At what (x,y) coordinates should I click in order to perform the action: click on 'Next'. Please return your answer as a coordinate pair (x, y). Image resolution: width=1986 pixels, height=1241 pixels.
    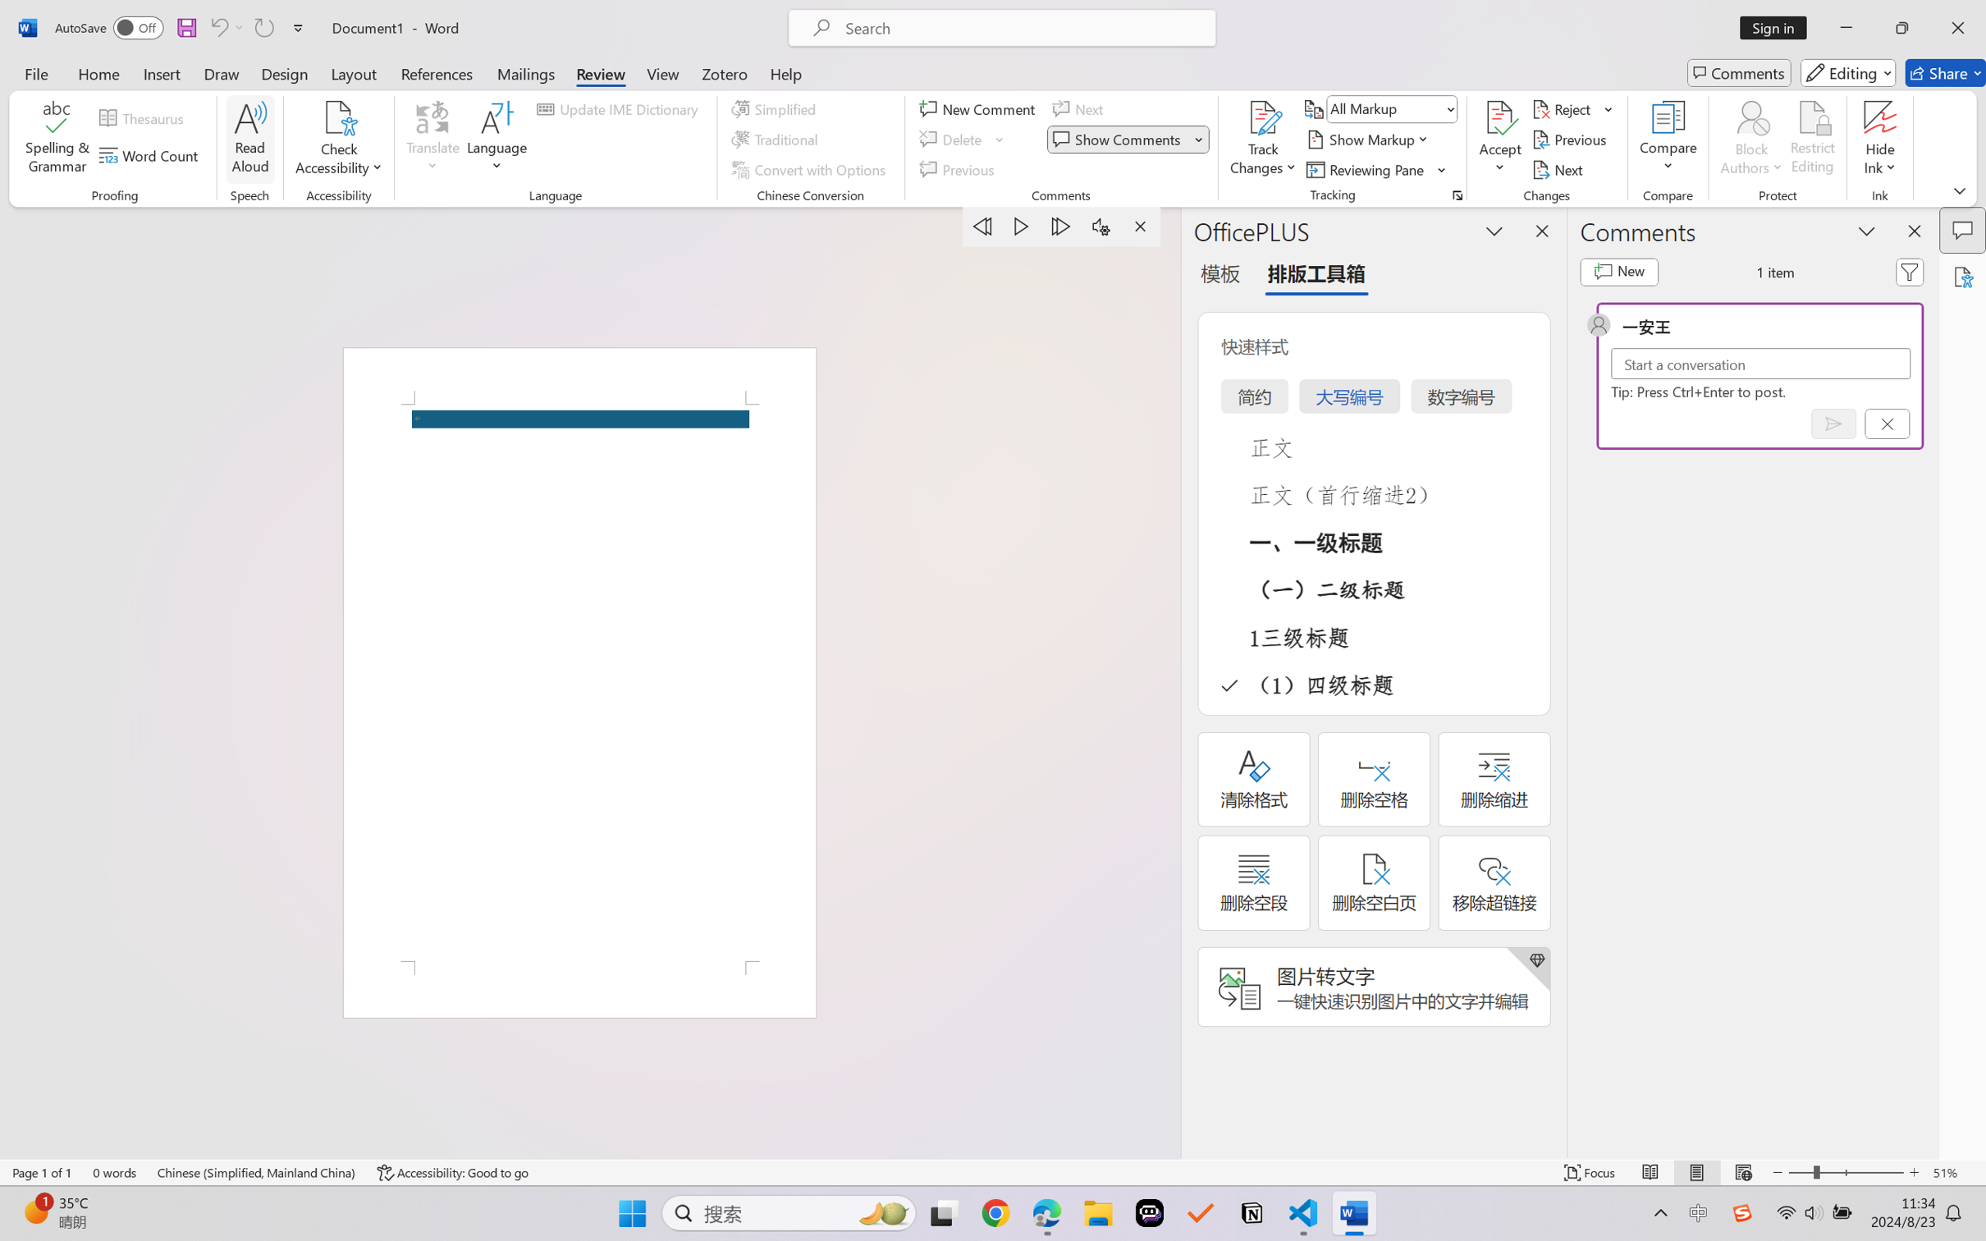
    Looking at the image, I should click on (1558, 170).